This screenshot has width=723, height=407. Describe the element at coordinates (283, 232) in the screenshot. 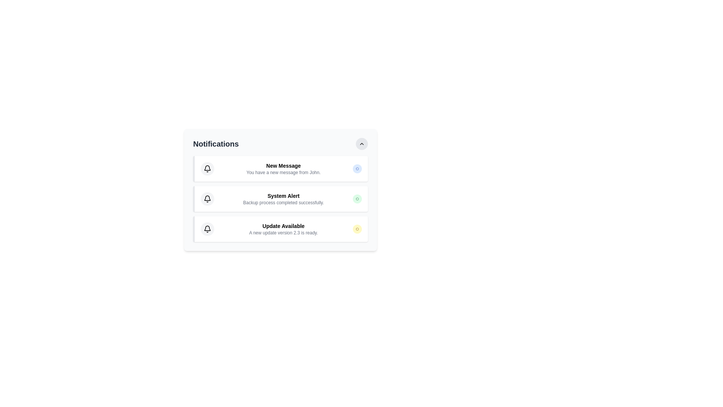

I see `the descriptive text label that provides additional information about the 'Update Available' notification, located directly below the title of the notification in the third item of a stacked list interface` at that location.